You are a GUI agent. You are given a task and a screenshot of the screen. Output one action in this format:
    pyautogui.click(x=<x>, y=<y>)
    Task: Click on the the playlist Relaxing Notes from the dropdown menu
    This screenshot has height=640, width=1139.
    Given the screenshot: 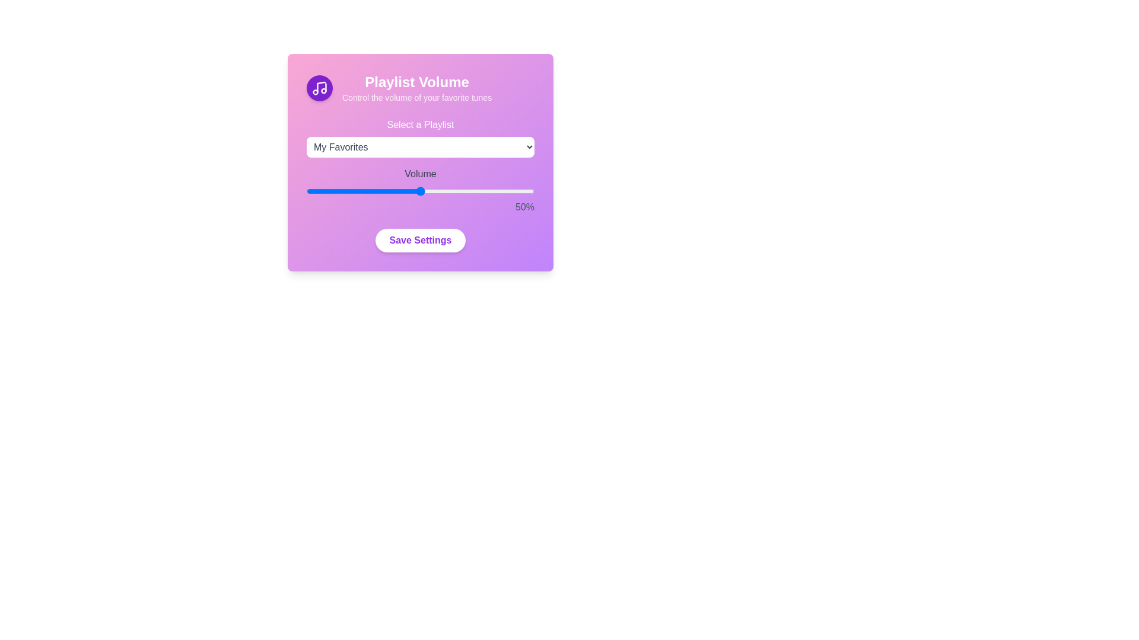 What is the action you would take?
    pyautogui.click(x=421, y=146)
    